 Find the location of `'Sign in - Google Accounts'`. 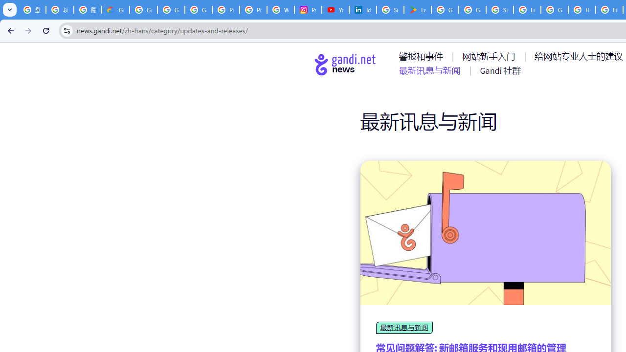

'Sign in - Google Accounts' is located at coordinates (500, 10).